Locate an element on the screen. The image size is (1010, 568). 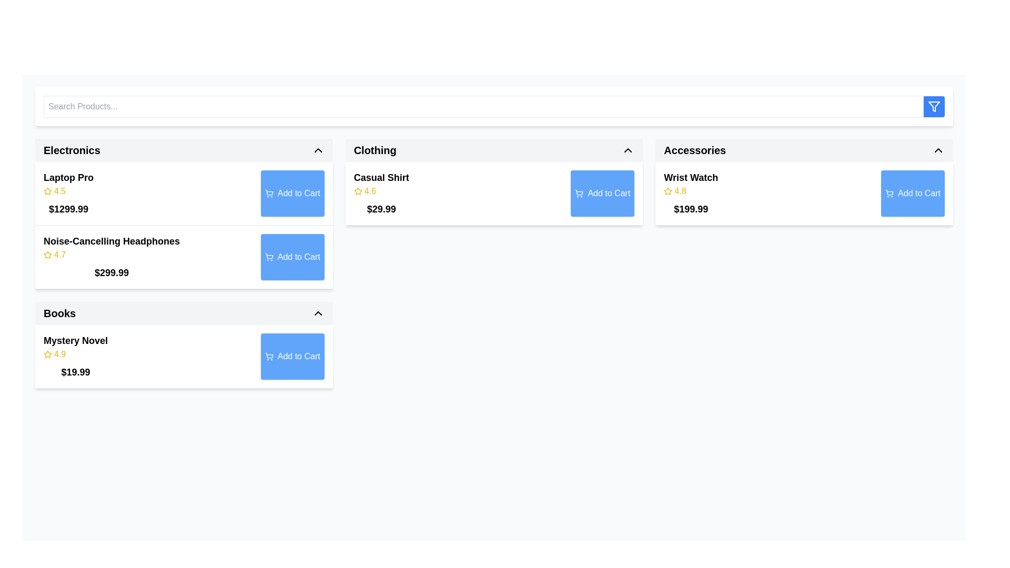
the upward-pointing arrow icon located at the top-right corner of the 'Electronics' section header is located at coordinates (317, 150).